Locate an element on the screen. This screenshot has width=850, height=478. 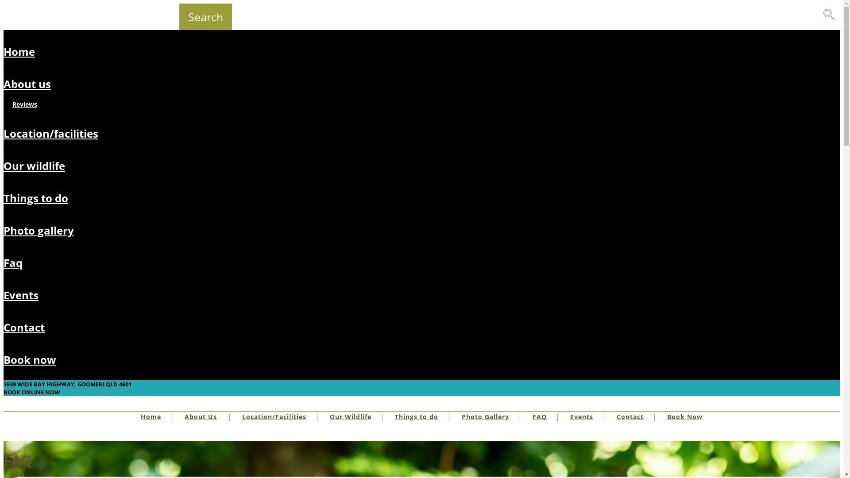
'Book Now' is located at coordinates (684, 416).